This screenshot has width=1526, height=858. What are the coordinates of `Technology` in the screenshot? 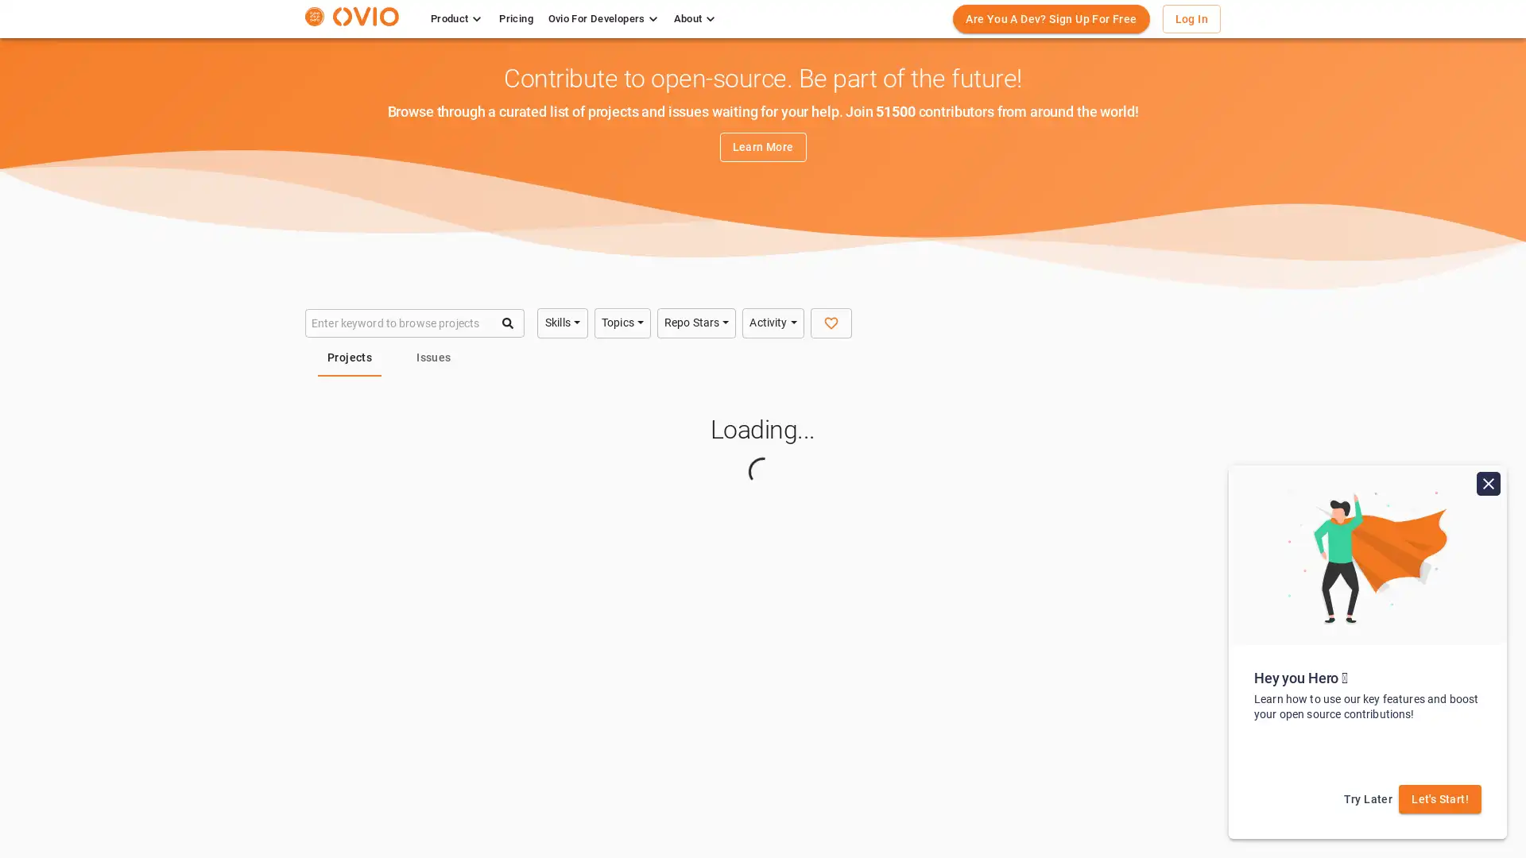 It's located at (964, 677).